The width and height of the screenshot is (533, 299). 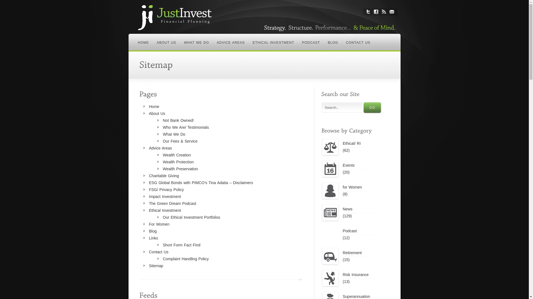 I want to click on 'Podcast', so click(x=363, y=231).